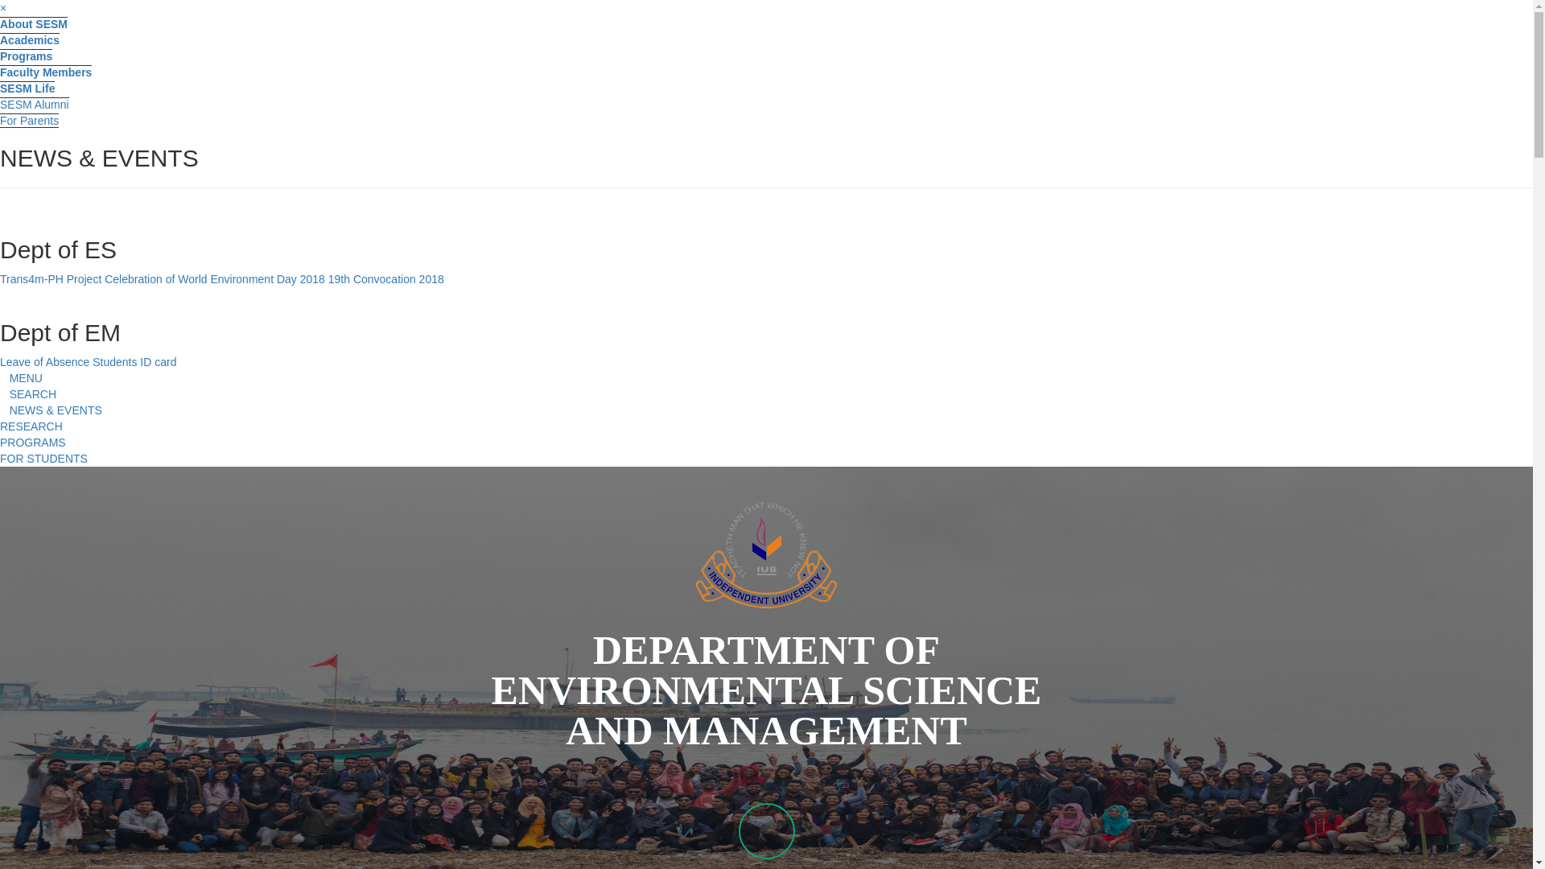 The image size is (1545, 869). Describe the element at coordinates (31, 425) in the screenshot. I see `'RESEARCH'` at that location.